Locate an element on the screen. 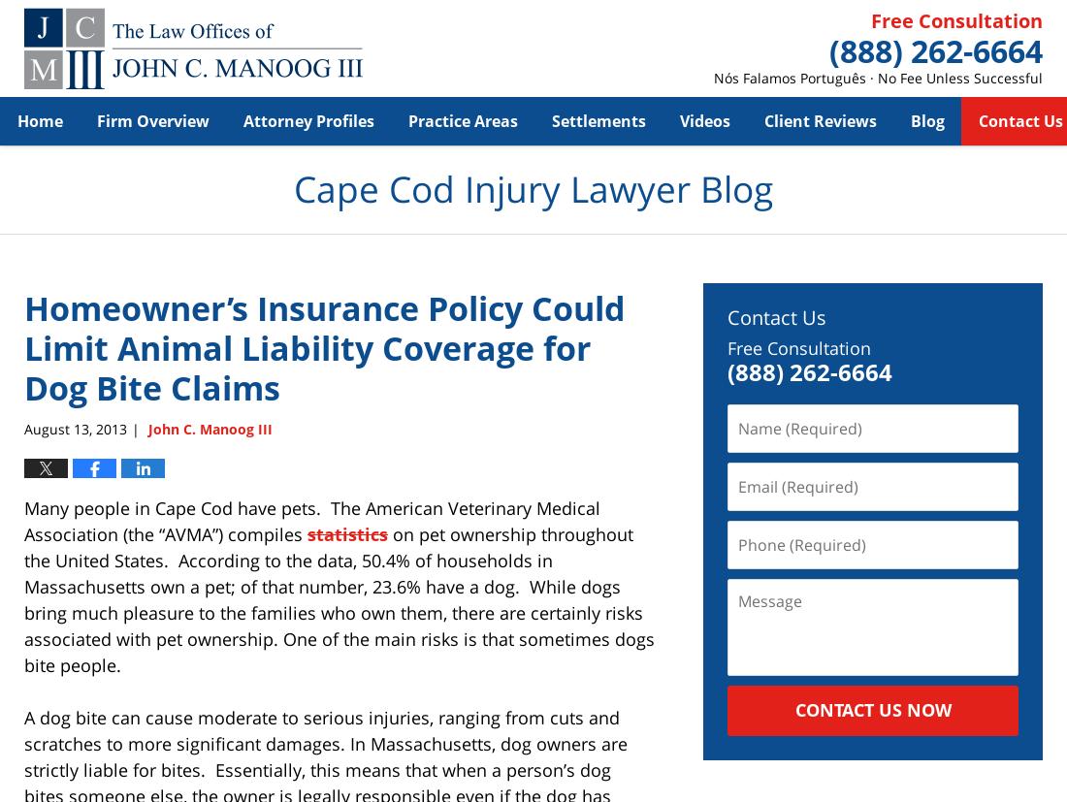 This screenshot has width=1067, height=802. 'Videos' is located at coordinates (703, 119).